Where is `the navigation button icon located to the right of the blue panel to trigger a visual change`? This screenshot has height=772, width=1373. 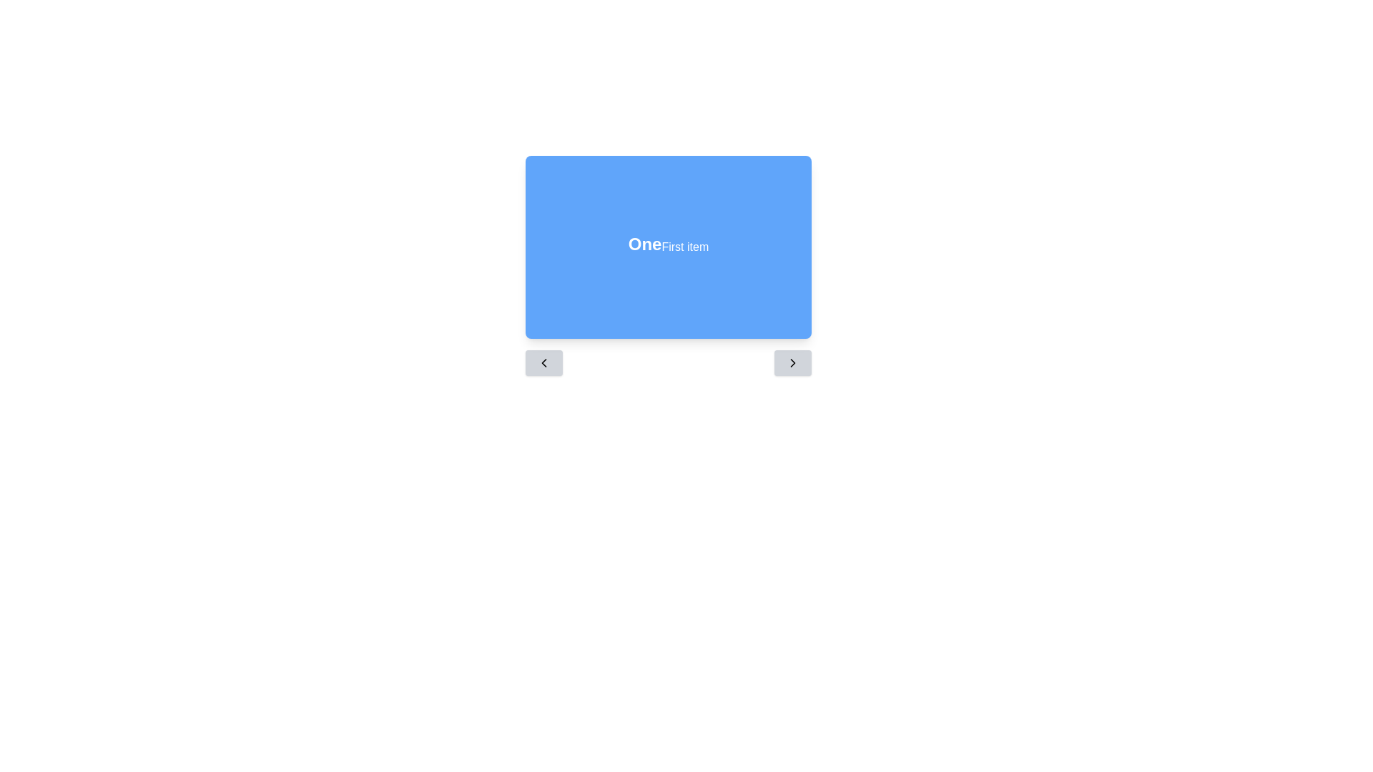
the navigation button icon located to the right of the blue panel to trigger a visual change is located at coordinates (792, 362).